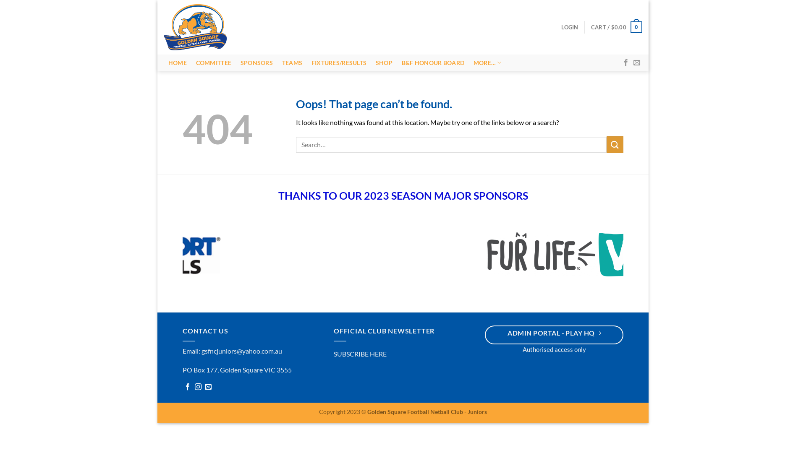 Image resolution: width=806 pixels, height=453 pixels. I want to click on 'SUBSCRIBE HERE', so click(360, 355).